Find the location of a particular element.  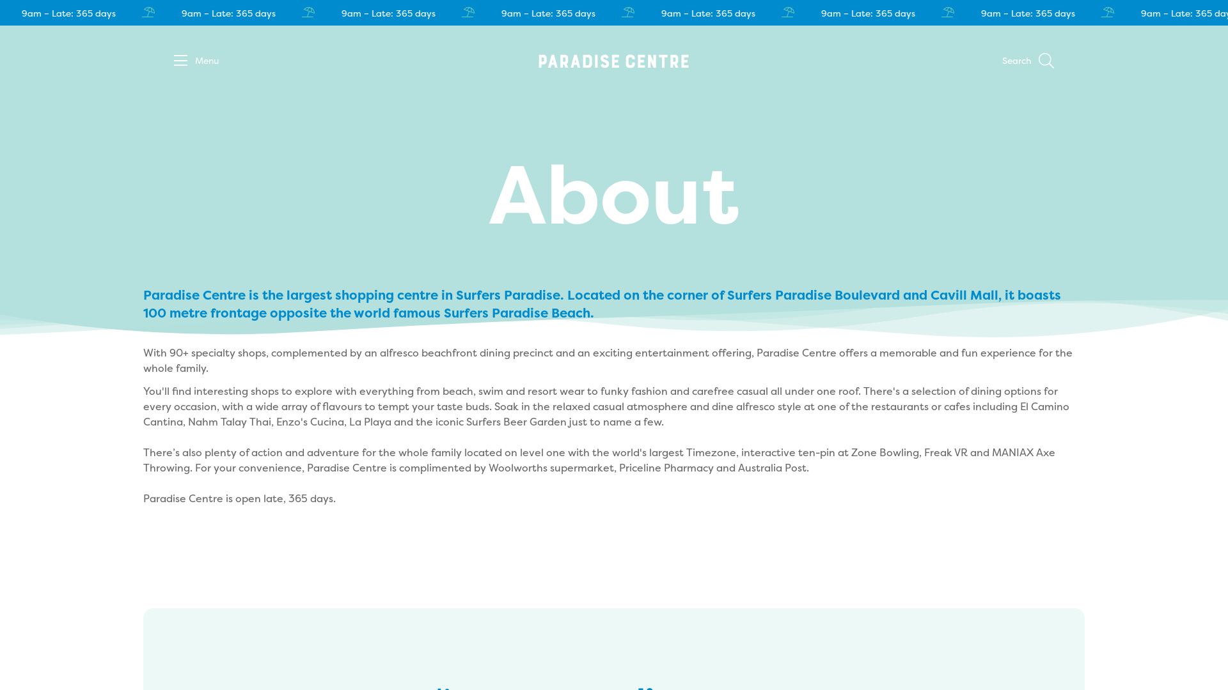

'Search' is located at coordinates (1001, 61).